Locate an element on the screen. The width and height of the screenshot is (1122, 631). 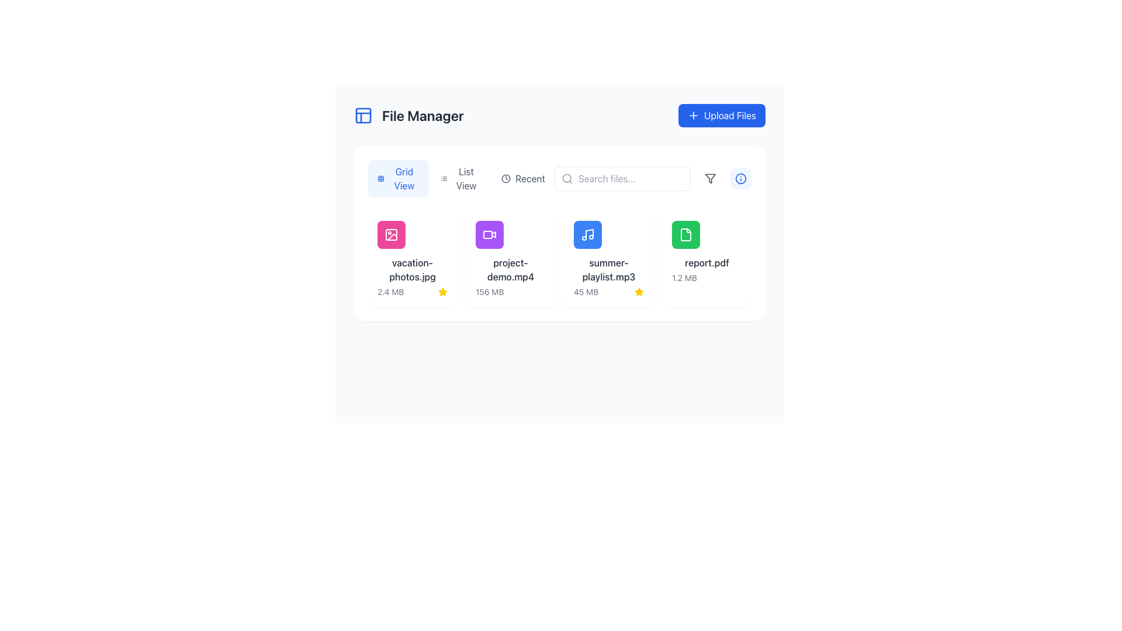
the delete button located at the bottom of the card for the file 'report.pdf' is located at coordinates (731, 290).